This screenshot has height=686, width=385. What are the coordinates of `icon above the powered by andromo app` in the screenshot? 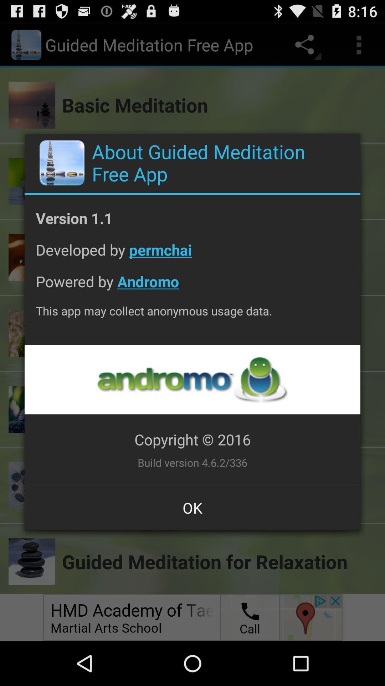 It's located at (192, 255).